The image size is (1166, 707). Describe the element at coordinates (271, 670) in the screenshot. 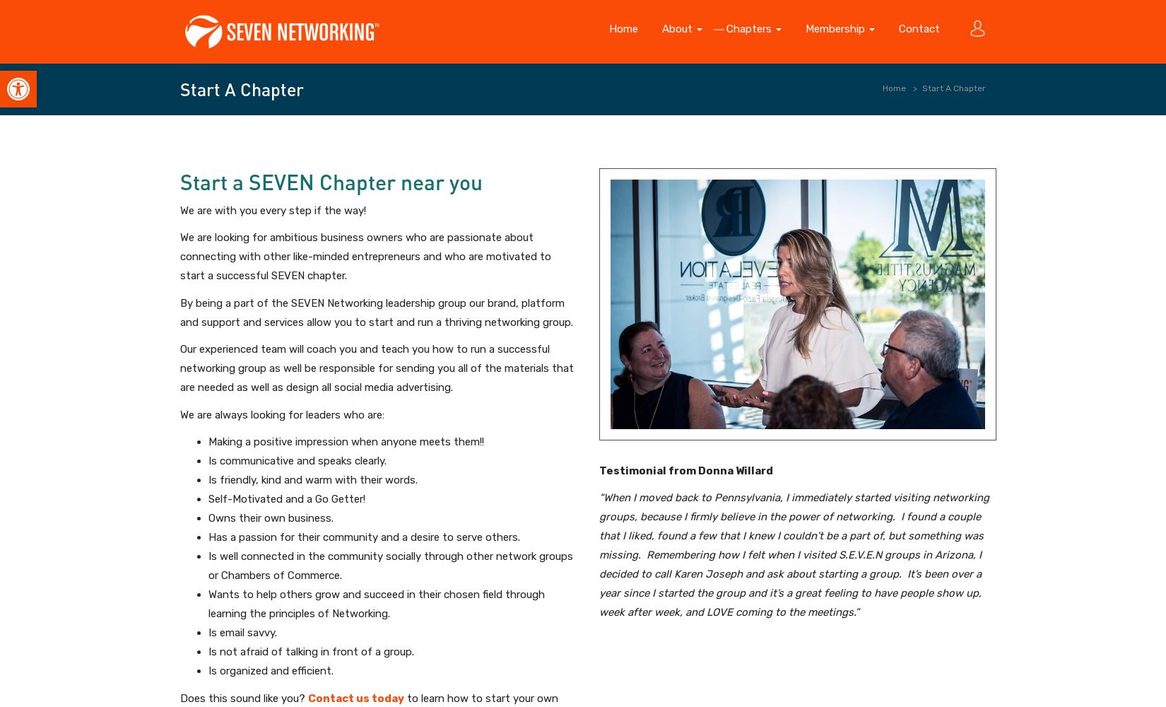

I see `'Is organized and efficient.'` at that location.